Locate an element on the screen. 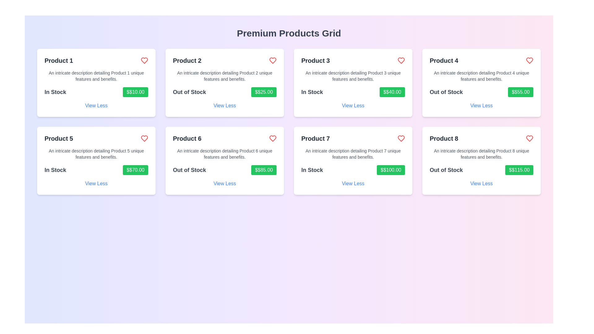 The image size is (594, 334). the static text label indicating the availability status of 'Product 8', which shows that the item is currently unavailable for purchase is located at coordinates (446, 170).